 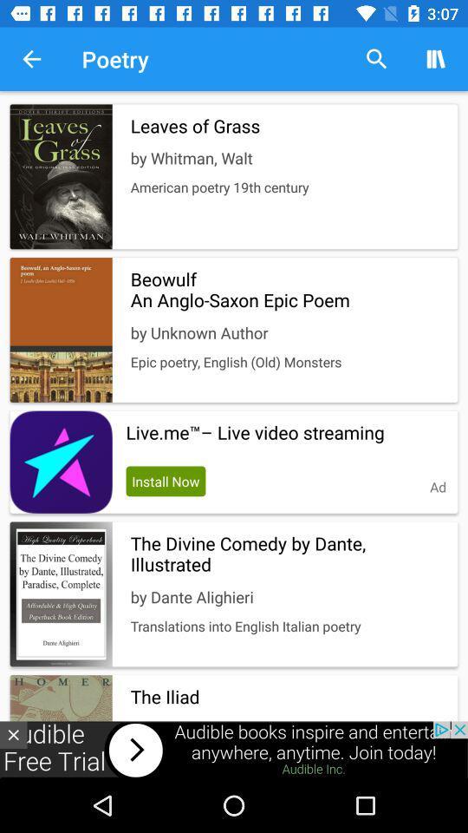 What do you see at coordinates (234, 749) in the screenshot?
I see `advertisement` at bounding box center [234, 749].